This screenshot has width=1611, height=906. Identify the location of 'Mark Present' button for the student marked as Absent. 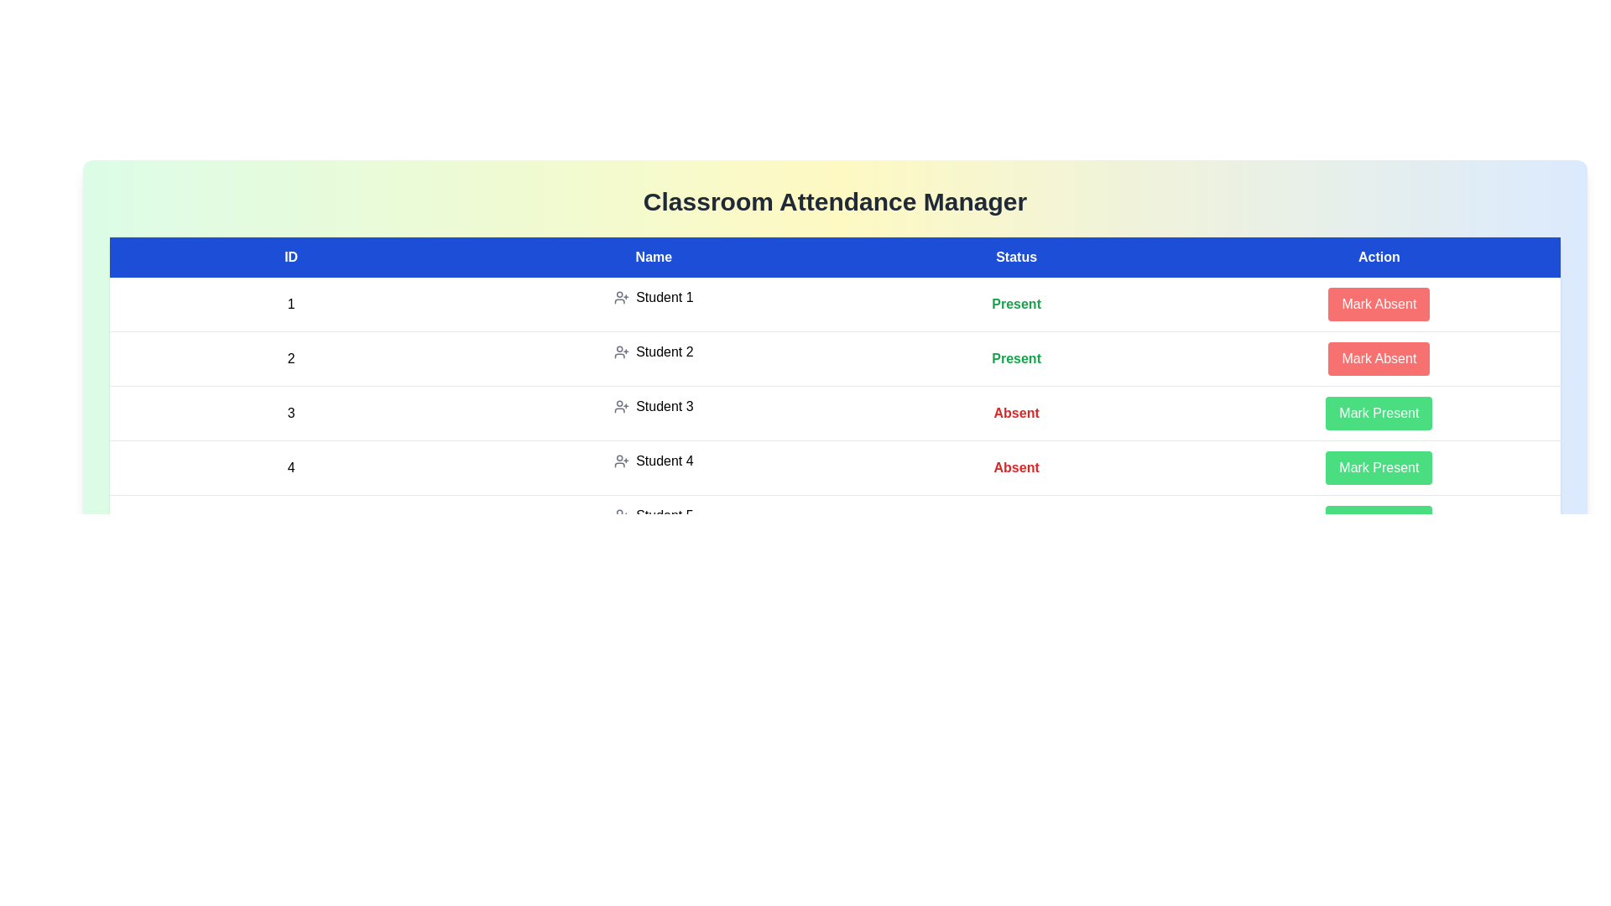
(1379, 414).